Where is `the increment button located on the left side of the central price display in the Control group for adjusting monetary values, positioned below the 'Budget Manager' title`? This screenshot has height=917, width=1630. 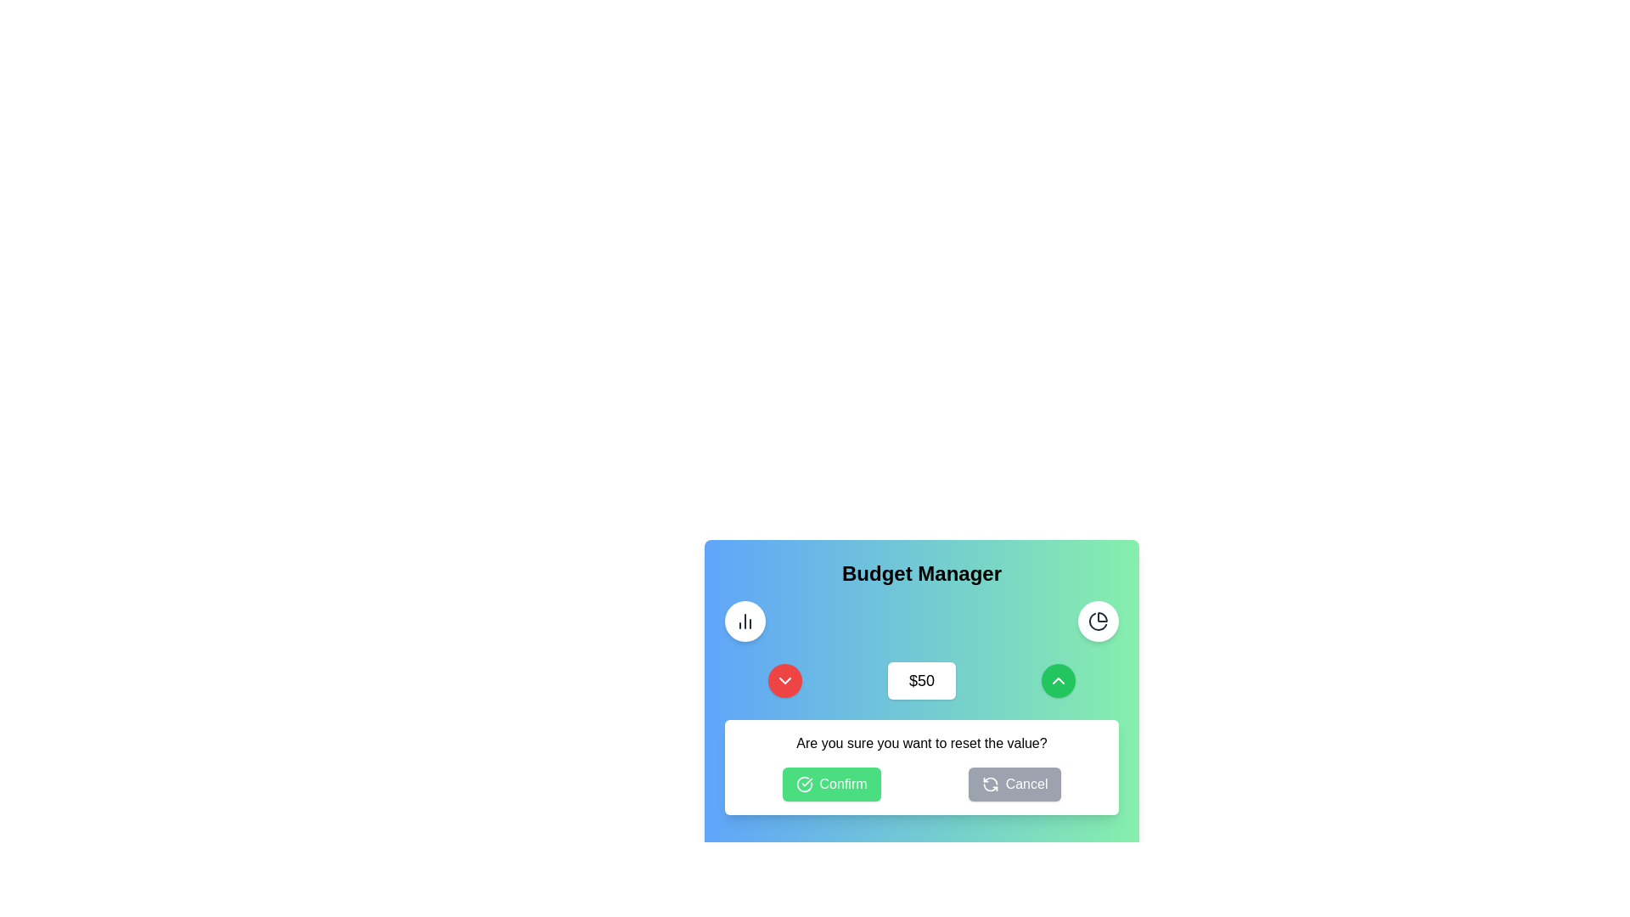
the increment button located on the left side of the central price display in the Control group for adjusting monetary values, positioned below the 'Budget Manager' title is located at coordinates (920, 680).